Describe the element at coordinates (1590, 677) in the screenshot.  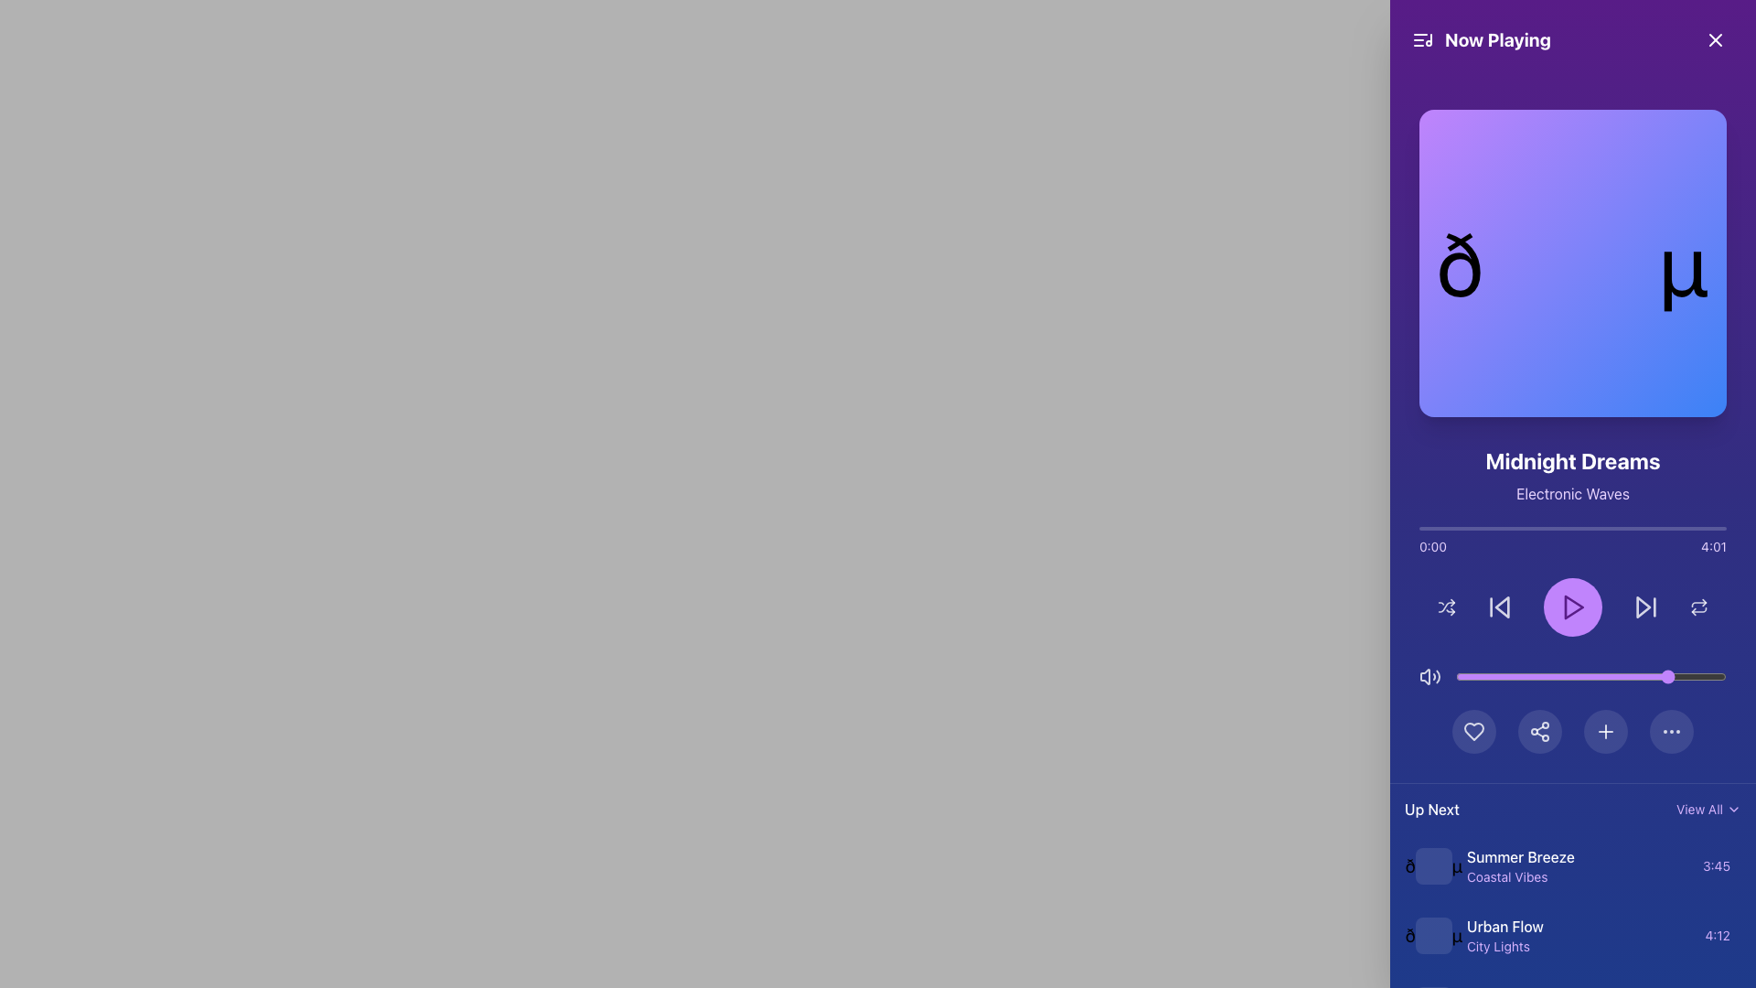
I see `the horizontal slider with a purple track and a circular handle, which signifies a value of 80%, located at the bottom section of the music player interface` at that location.